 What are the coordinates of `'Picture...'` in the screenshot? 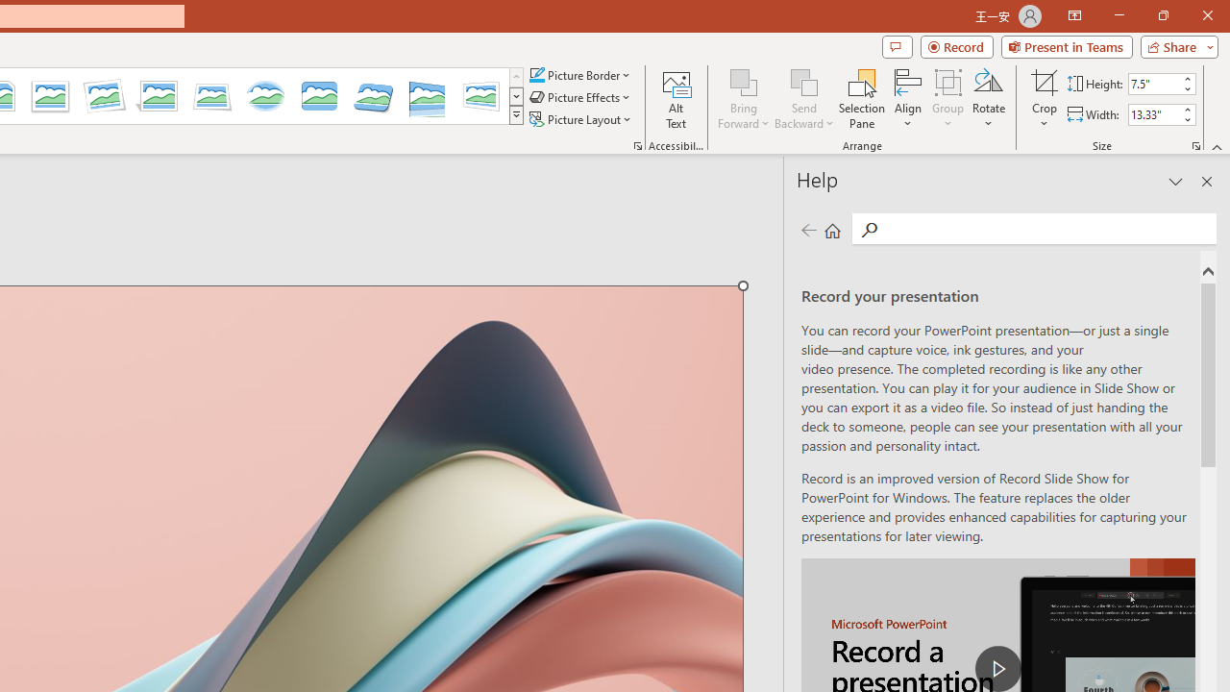 It's located at (637, 144).